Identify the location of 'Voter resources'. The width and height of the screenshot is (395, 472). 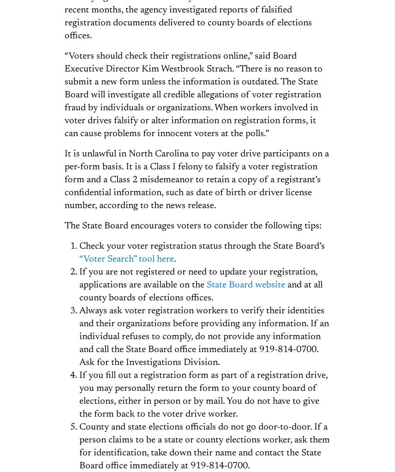
(166, 268).